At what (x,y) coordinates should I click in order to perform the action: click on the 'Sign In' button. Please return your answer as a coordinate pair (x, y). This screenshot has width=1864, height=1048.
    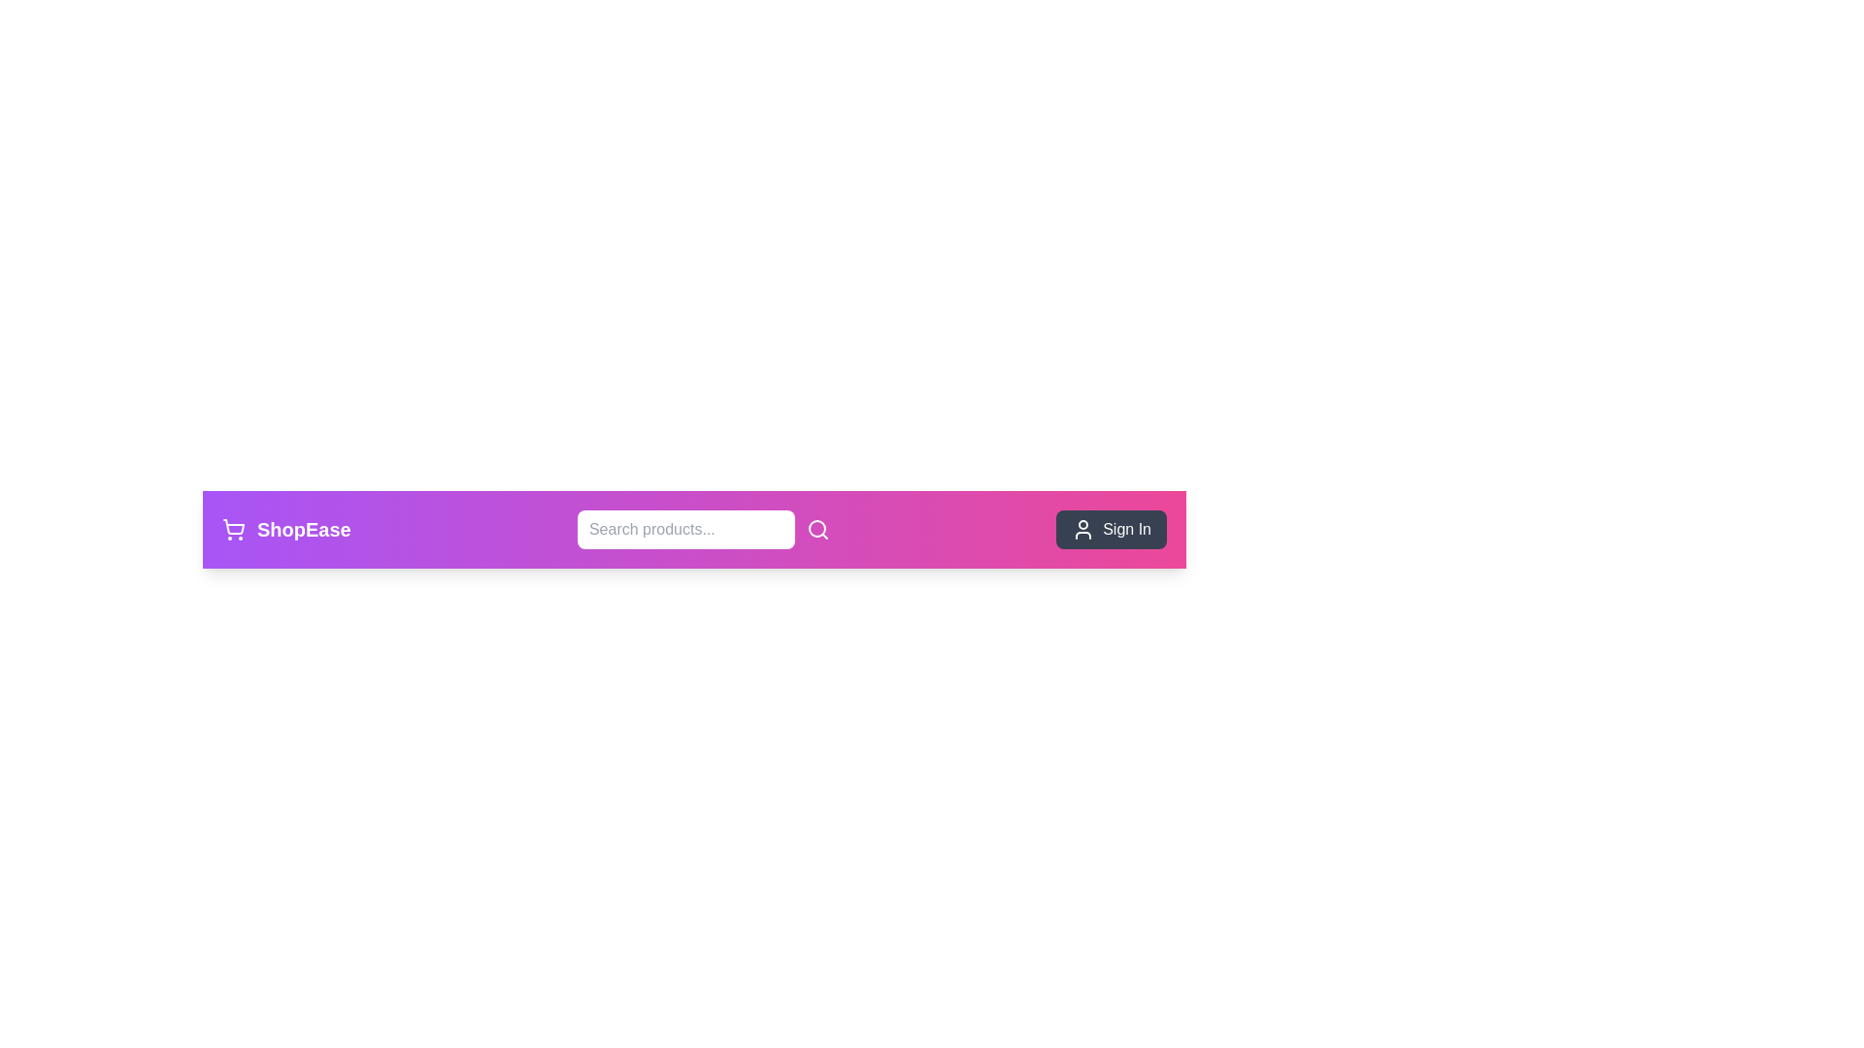
    Looking at the image, I should click on (1112, 530).